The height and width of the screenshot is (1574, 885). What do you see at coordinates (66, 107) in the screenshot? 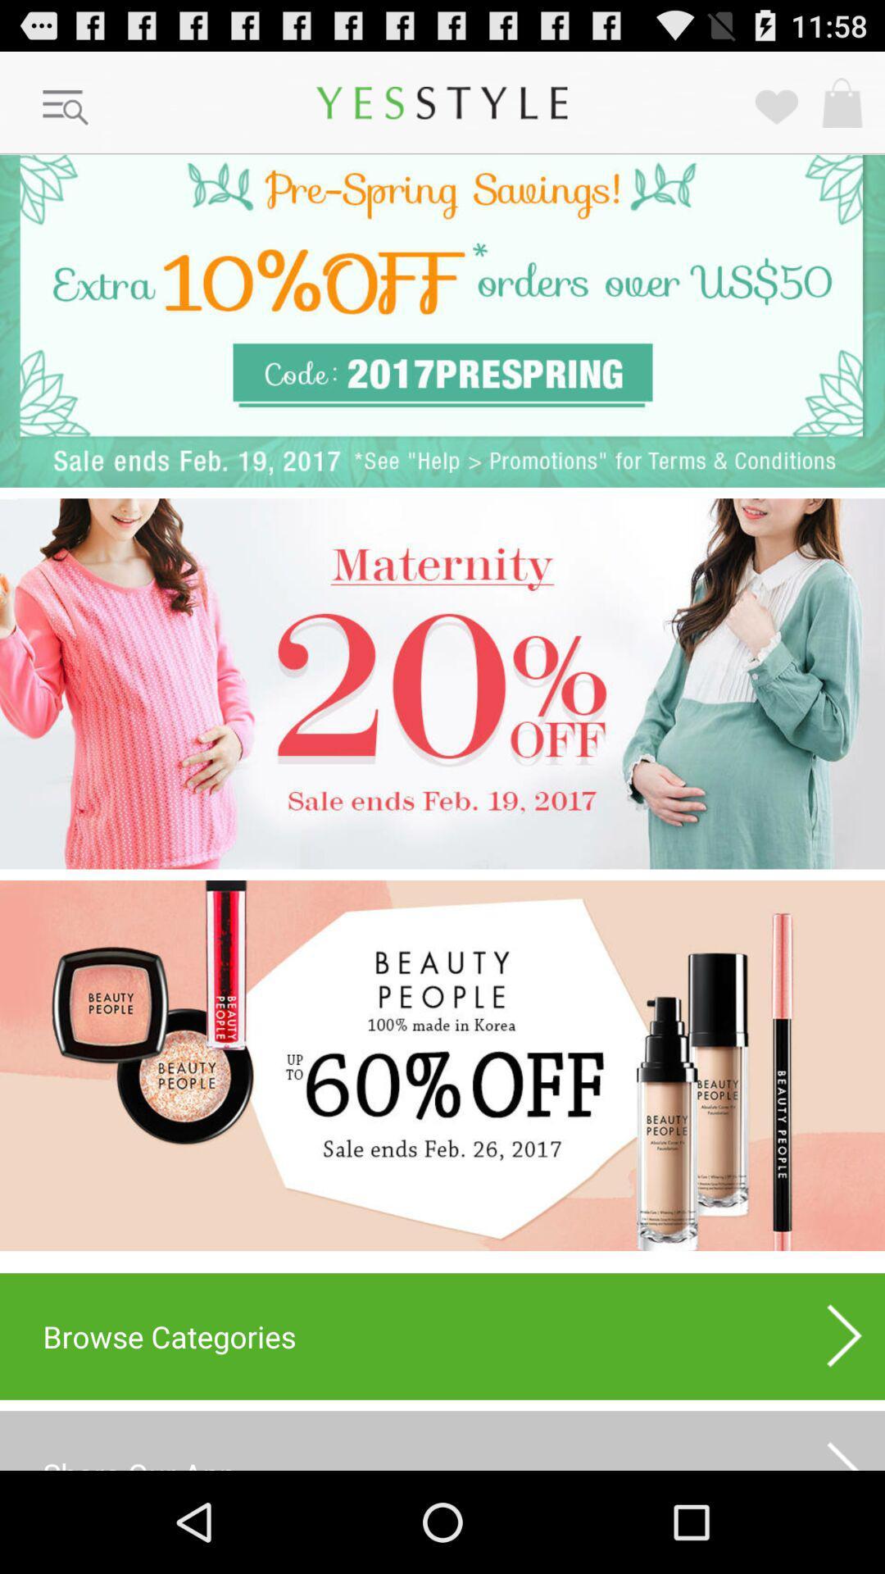
I see `open menu` at bounding box center [66, 107].